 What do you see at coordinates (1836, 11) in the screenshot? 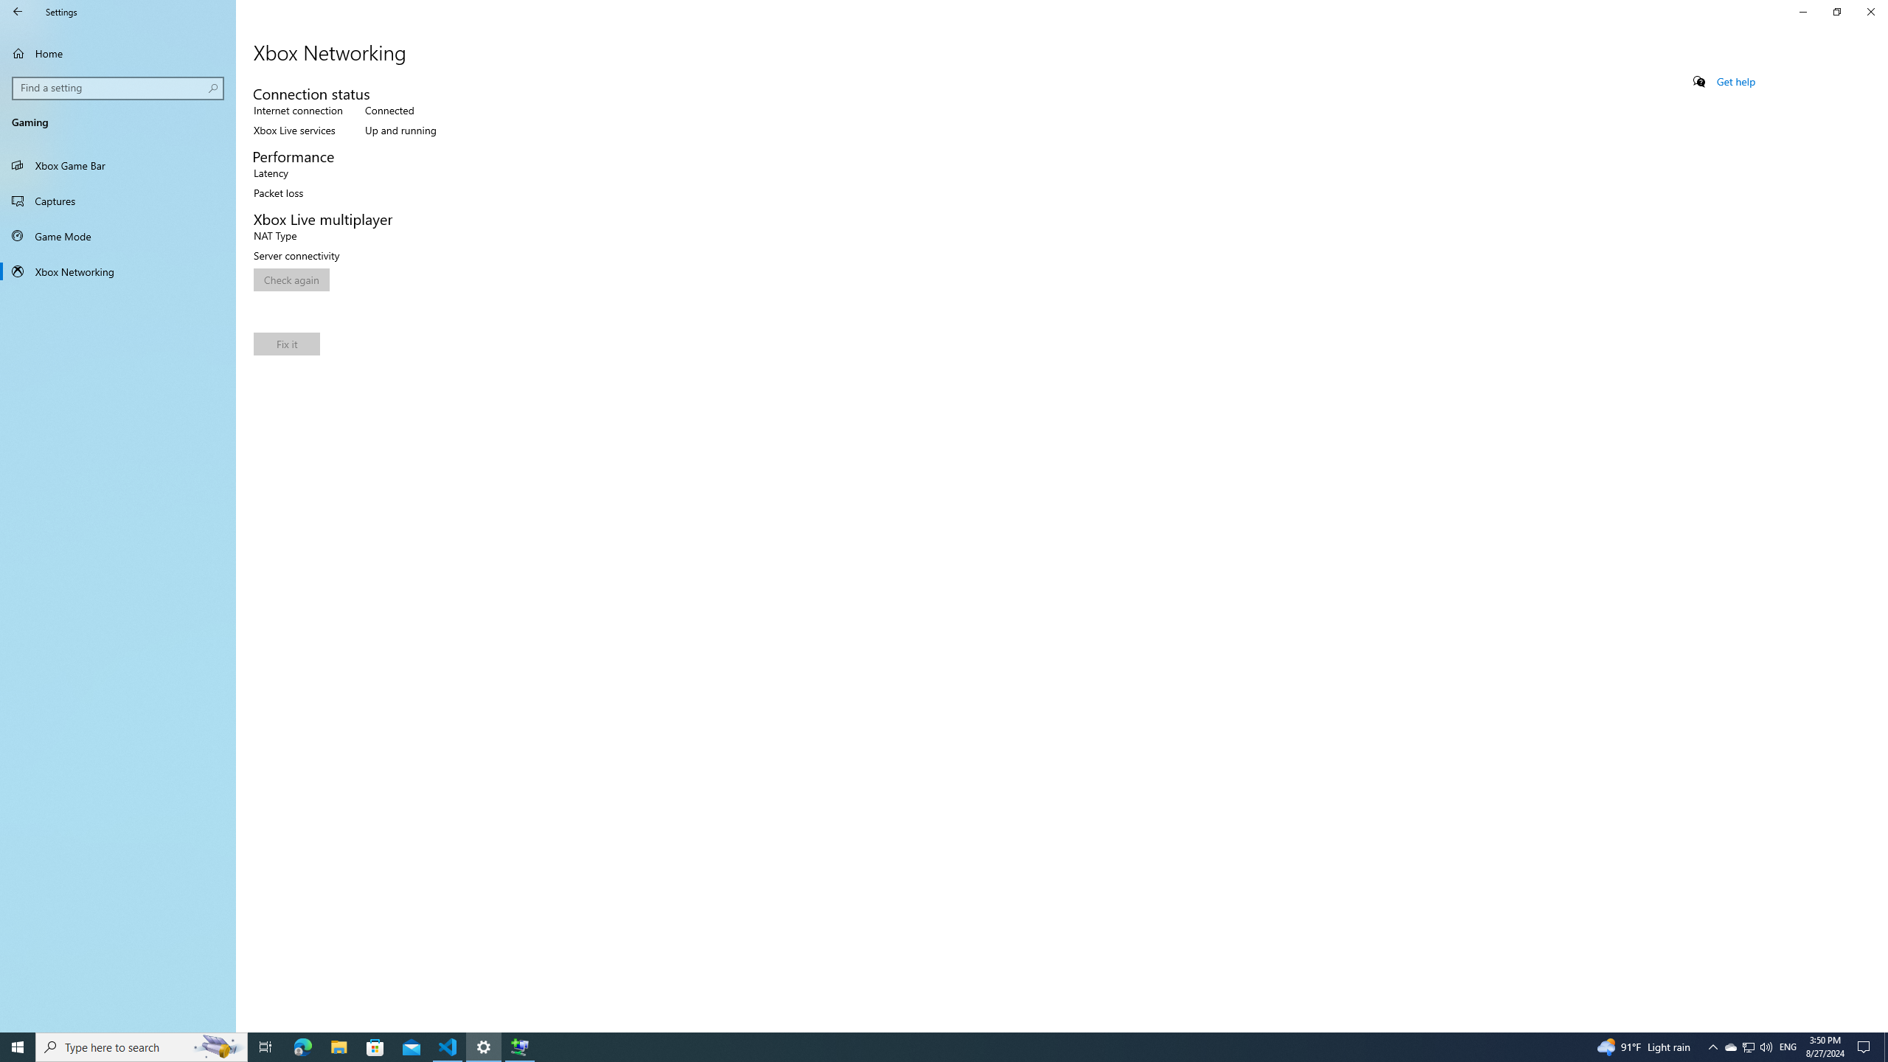
I see `'Restore Settings'` at bounding box center [1836, 11].